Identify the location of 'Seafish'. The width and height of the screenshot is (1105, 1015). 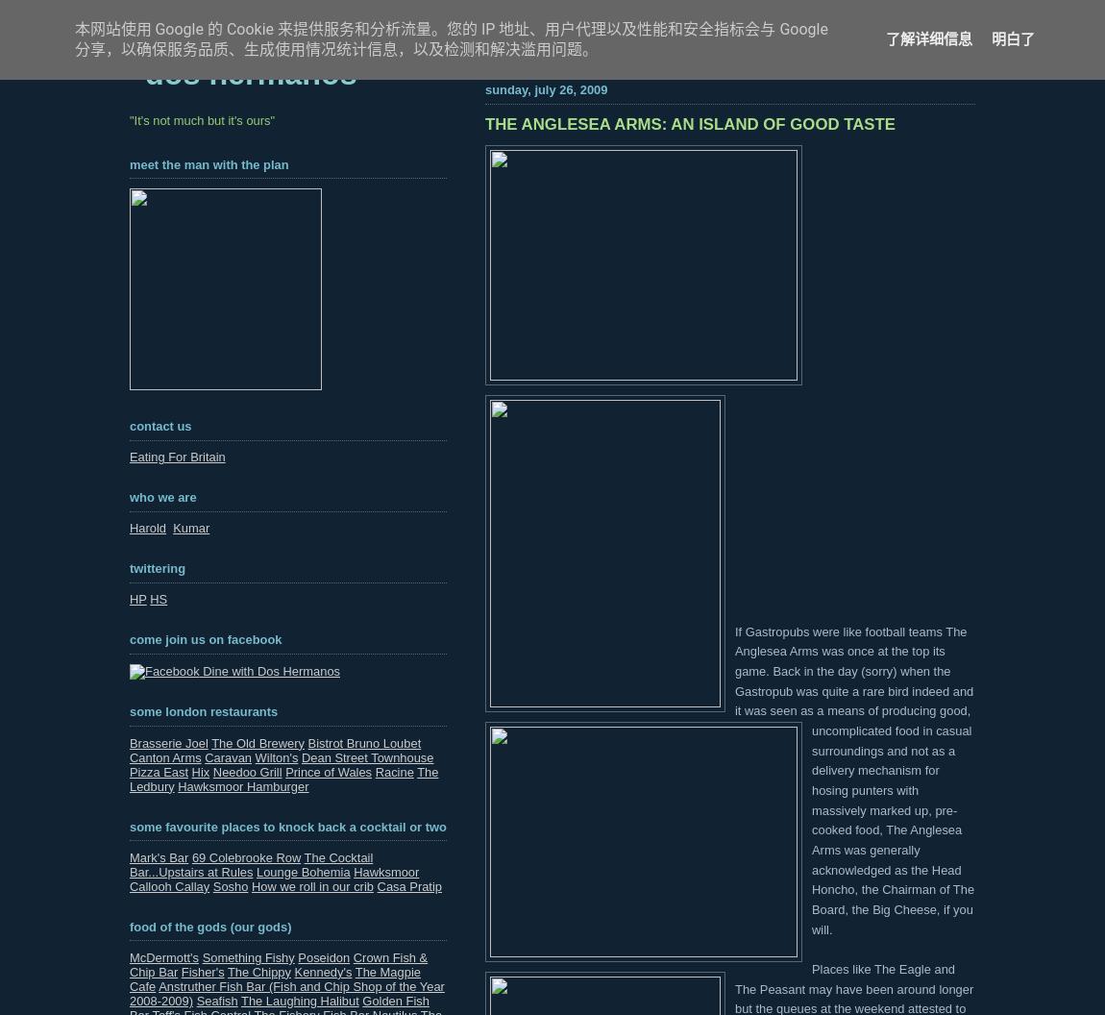
(215, 999).